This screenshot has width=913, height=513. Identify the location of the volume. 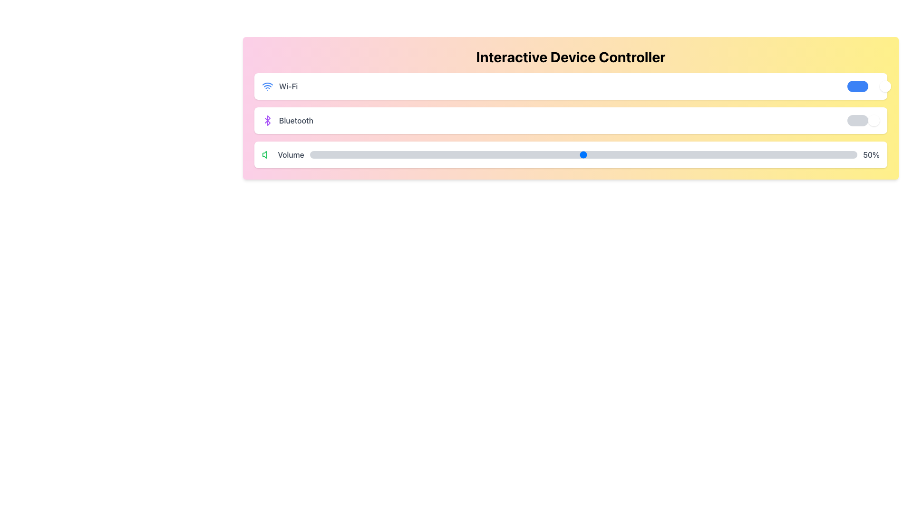
(704, 154).